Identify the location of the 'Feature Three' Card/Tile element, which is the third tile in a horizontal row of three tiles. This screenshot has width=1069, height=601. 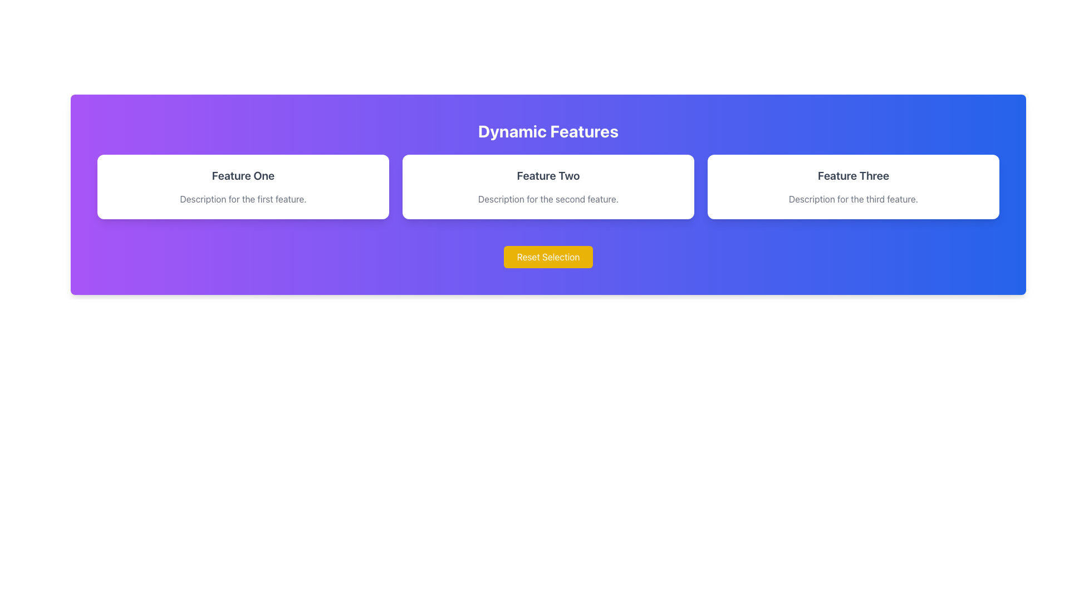
(852, 186).